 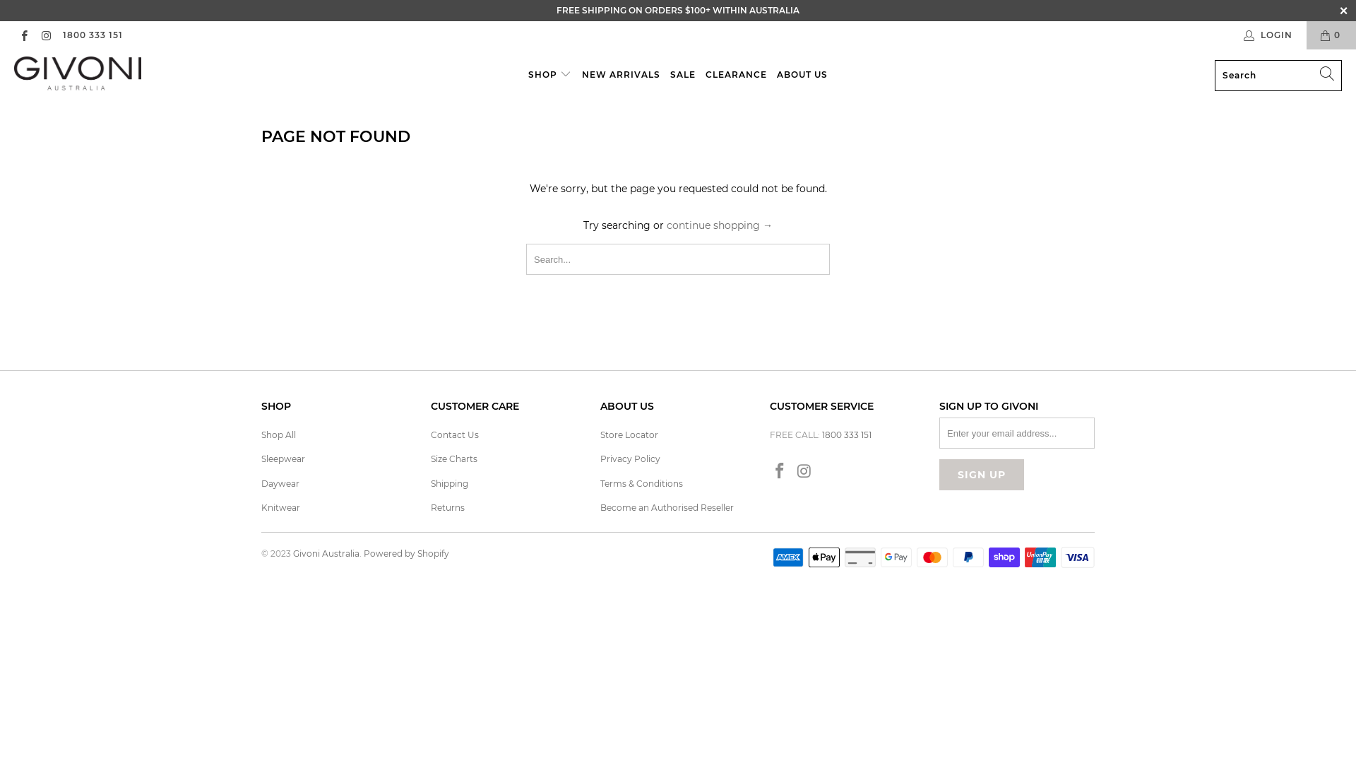 I want to click on 'Contact Us', so click(x=454, y=434).